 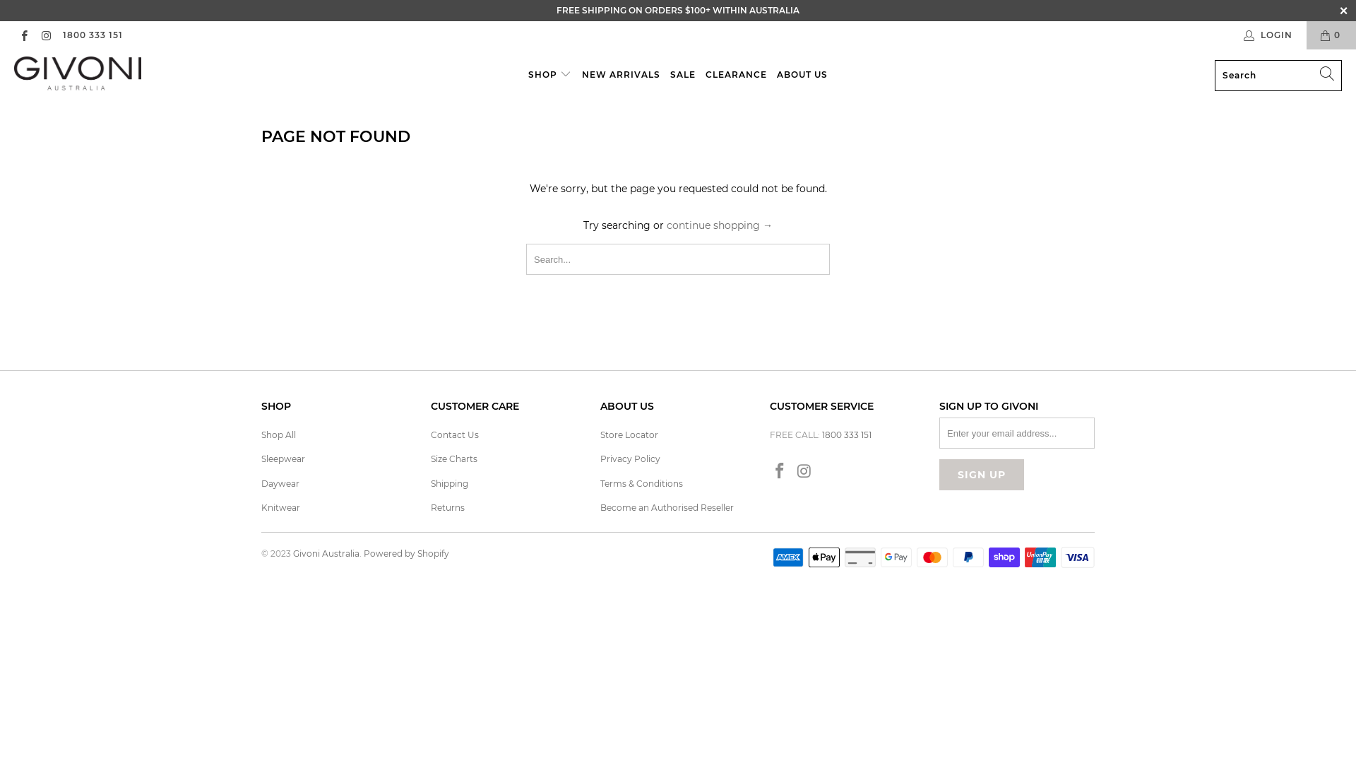 I want to click on 'Contact Us', so click(x=454, y=434).